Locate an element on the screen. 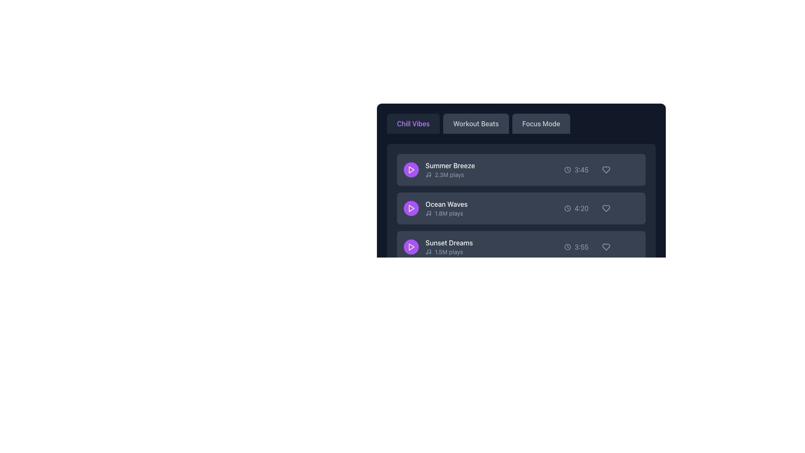  the second button in the horizontal group of three buttons at the top of the interface is located at coordinates (476, 123).